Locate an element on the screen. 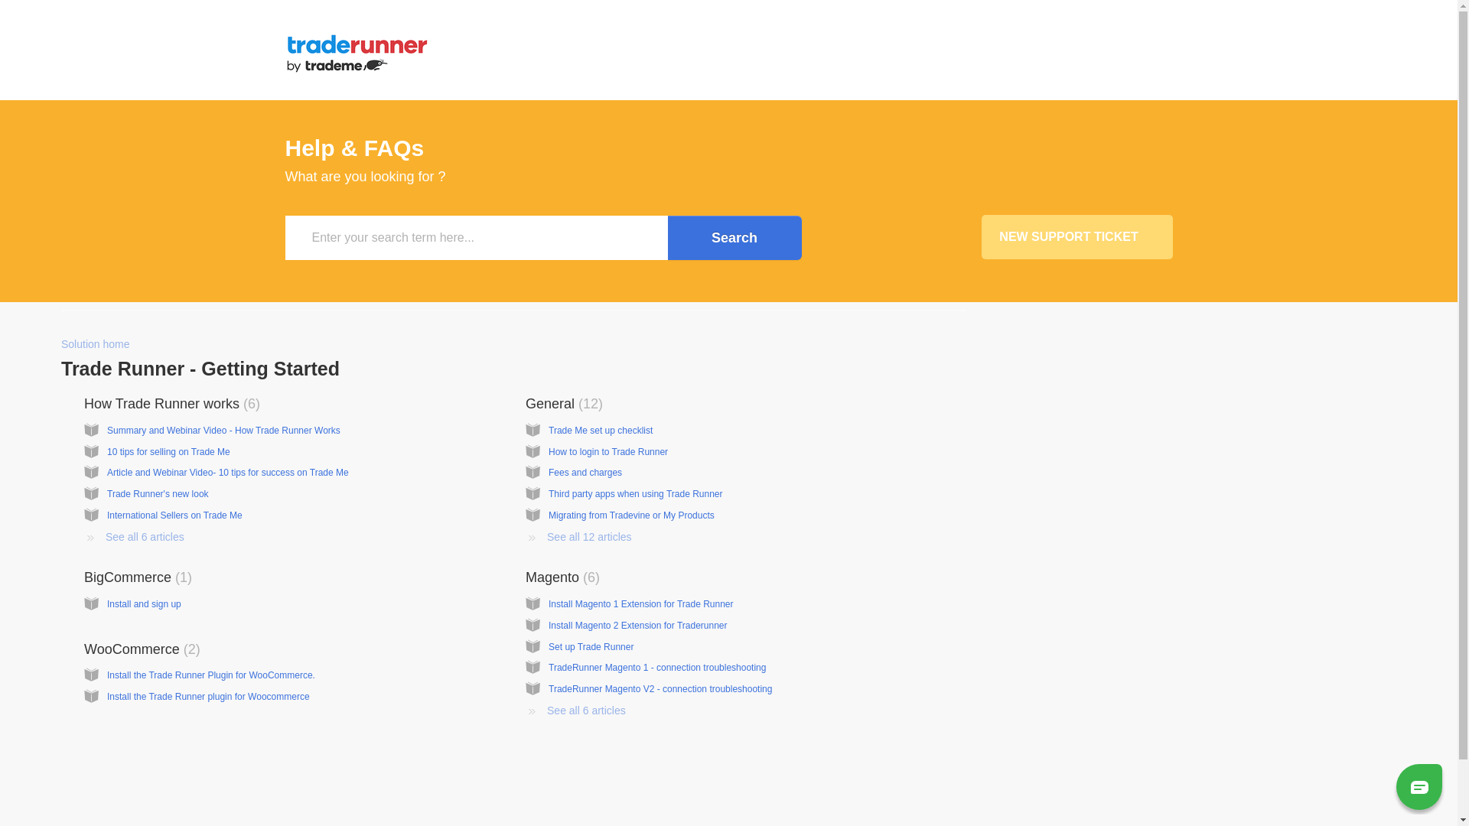  'Migrating from Tradevine or My Products' is located at coordinates (548, 515).